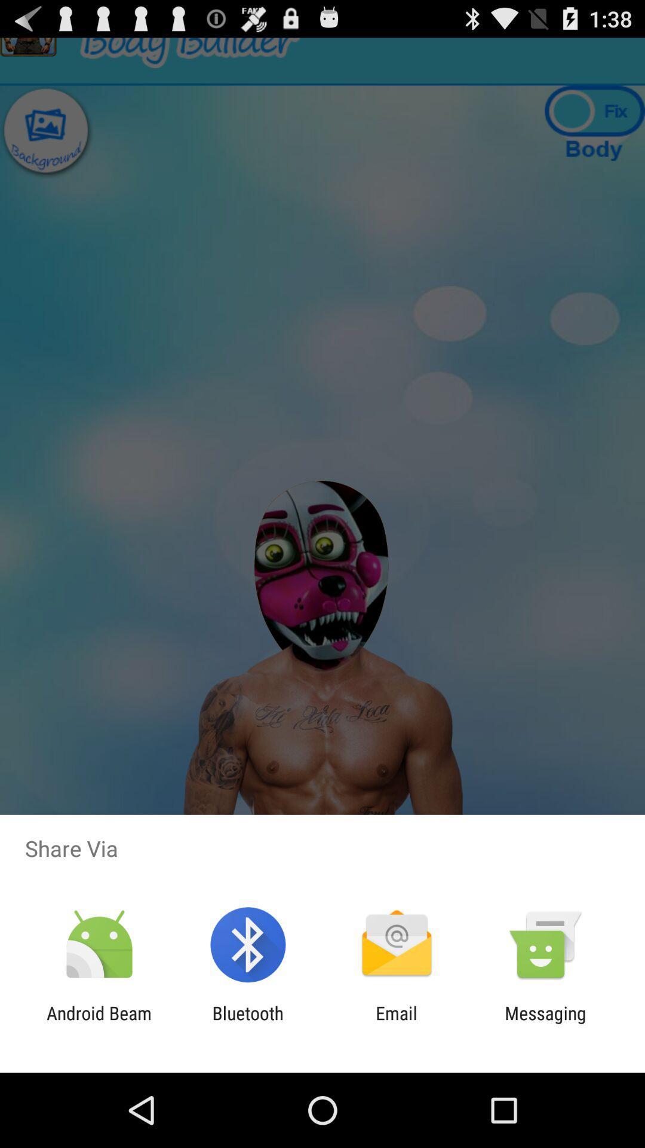  I want to click on the bluetooth item, so click(247, 1023).